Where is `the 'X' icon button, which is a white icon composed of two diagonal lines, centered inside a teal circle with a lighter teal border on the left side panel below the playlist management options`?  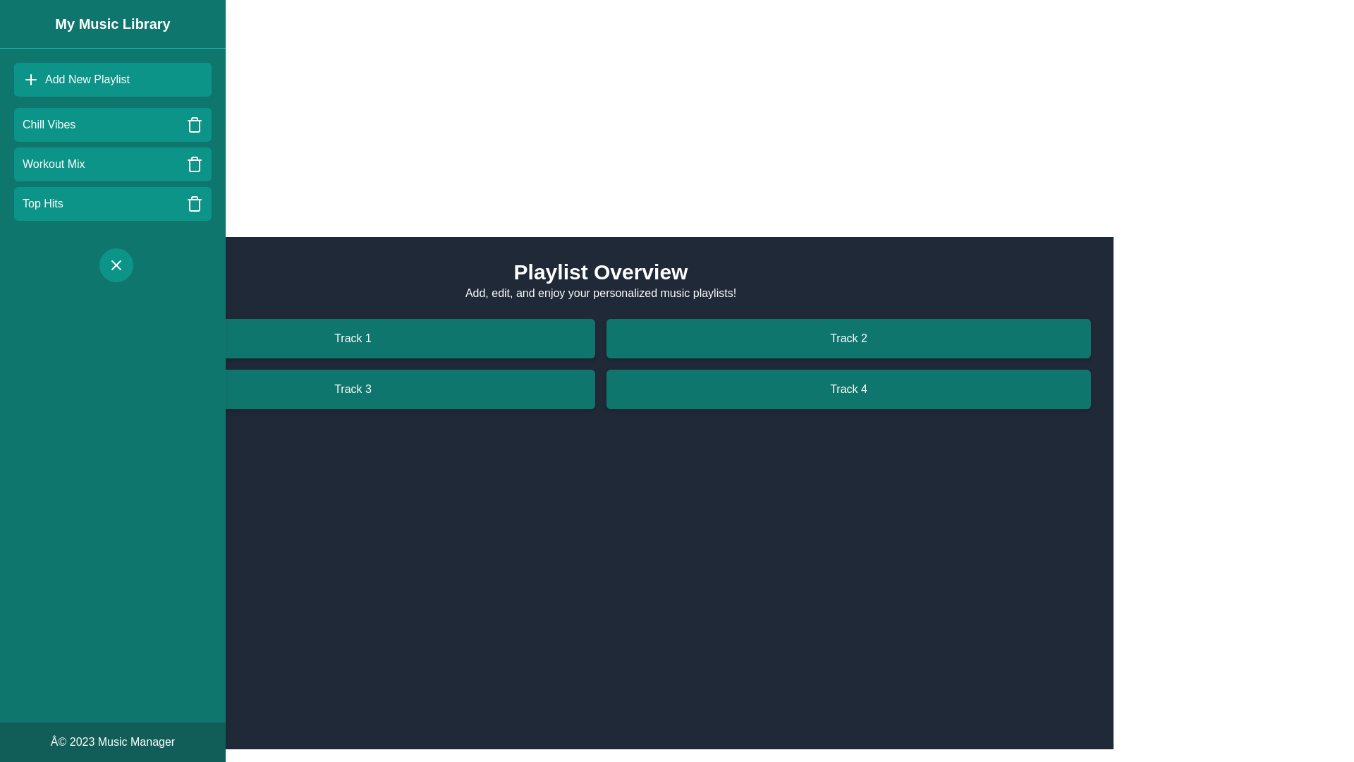
the 'X' icon button, which is a white icon composed of two diagonal lines, centered inside a teal circle with a lighter teal border on the left side panel below the playlist management options is located at coordinates (116, 265).